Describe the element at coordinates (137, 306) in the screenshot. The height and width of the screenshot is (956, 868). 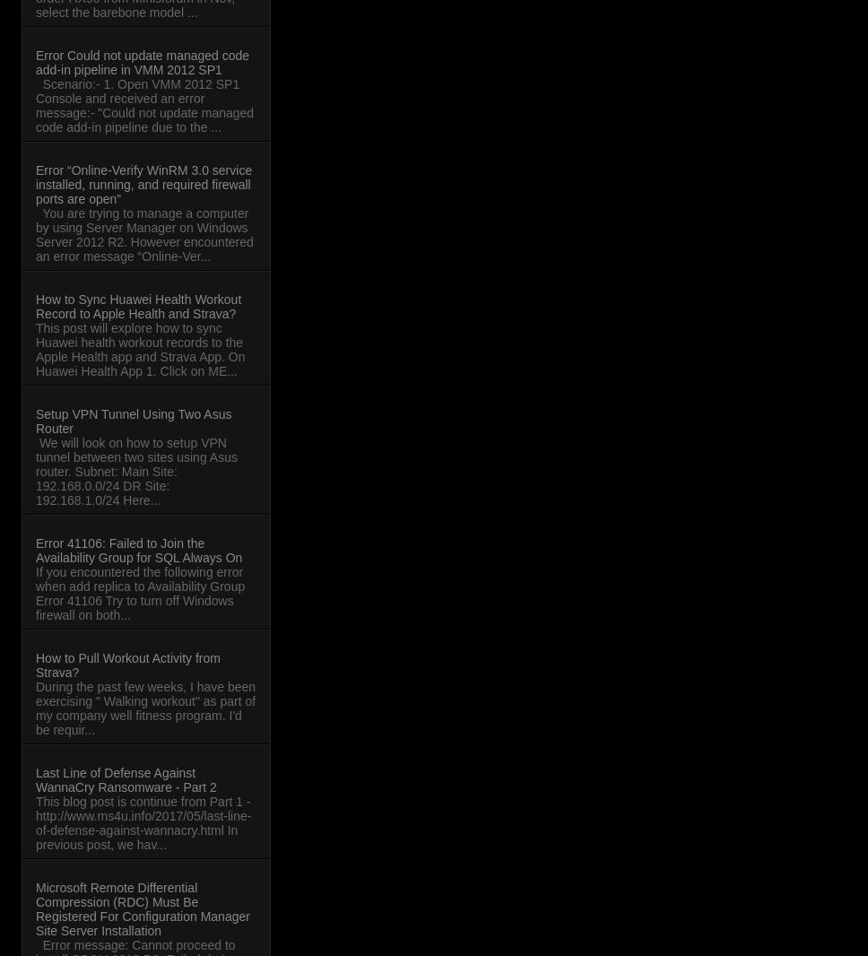
I see `'How to Sync Huawei Health Workout Record to Apple Health and Strava?'` at that location.